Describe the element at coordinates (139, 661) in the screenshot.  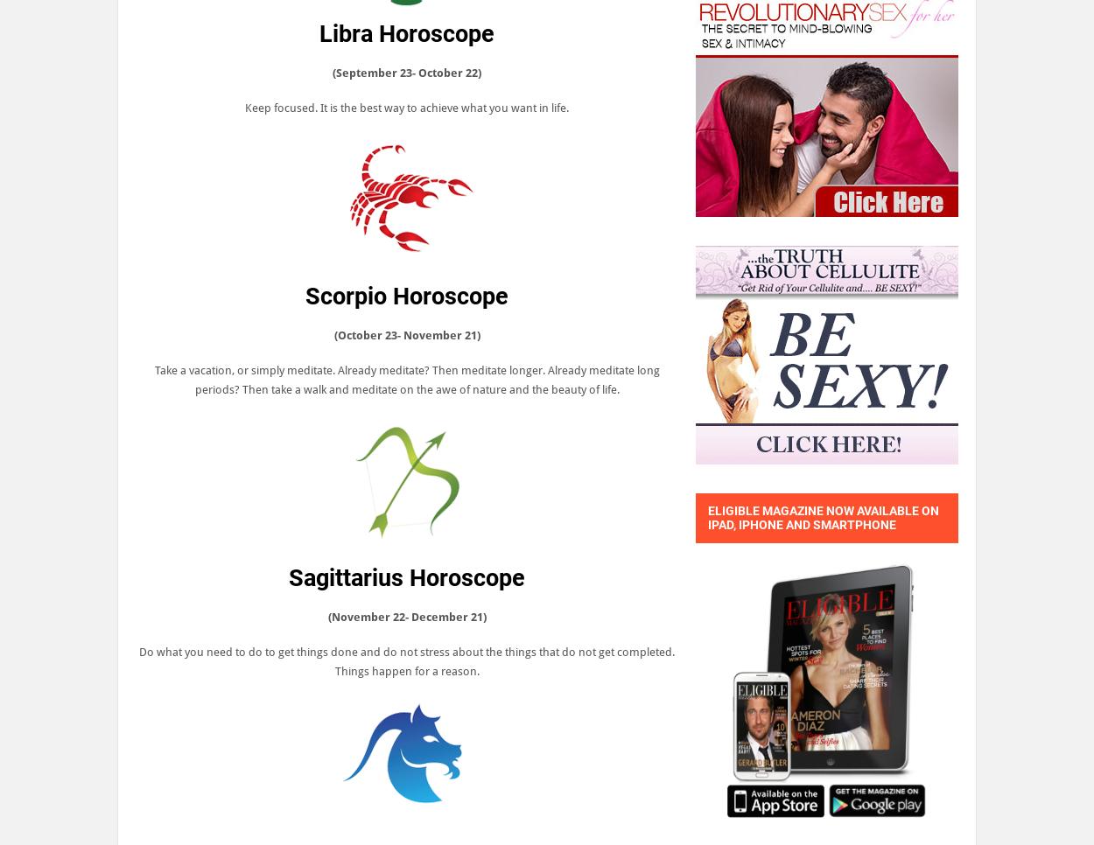
I see `'Do what you need to do to get things done and do not stress about the things that do not get completed. Things happen for a reason.'` at that location.